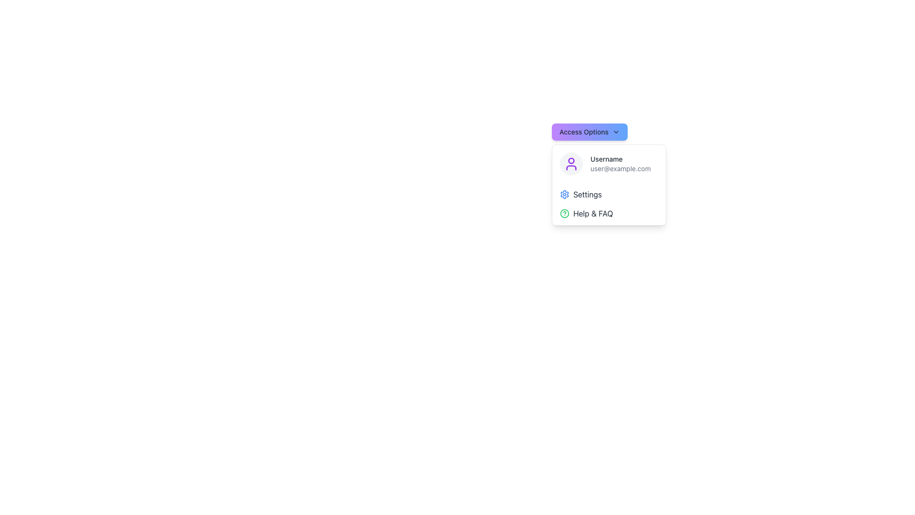  What do you see at coordinates (571, 163) in the screenshot?
I see `the circular button-like icon with a purple user profile illustration, located to the left of the text 'Username user@example.com'` at bounding box center [571, 163].